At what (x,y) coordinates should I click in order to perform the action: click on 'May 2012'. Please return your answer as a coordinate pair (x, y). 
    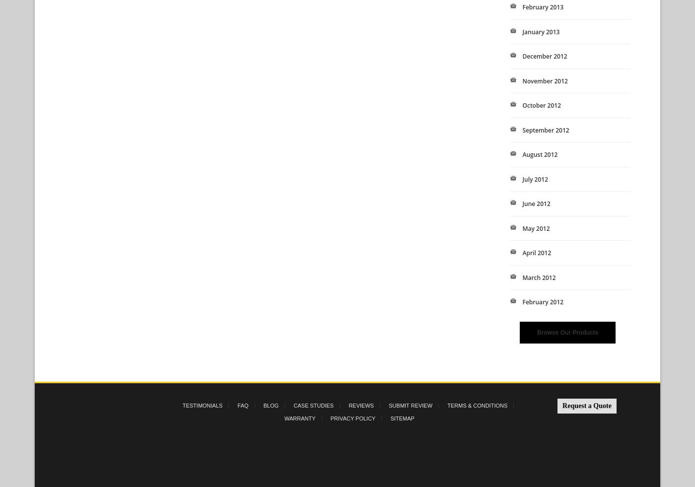
    Looking at the image, I should click on (522, 227).